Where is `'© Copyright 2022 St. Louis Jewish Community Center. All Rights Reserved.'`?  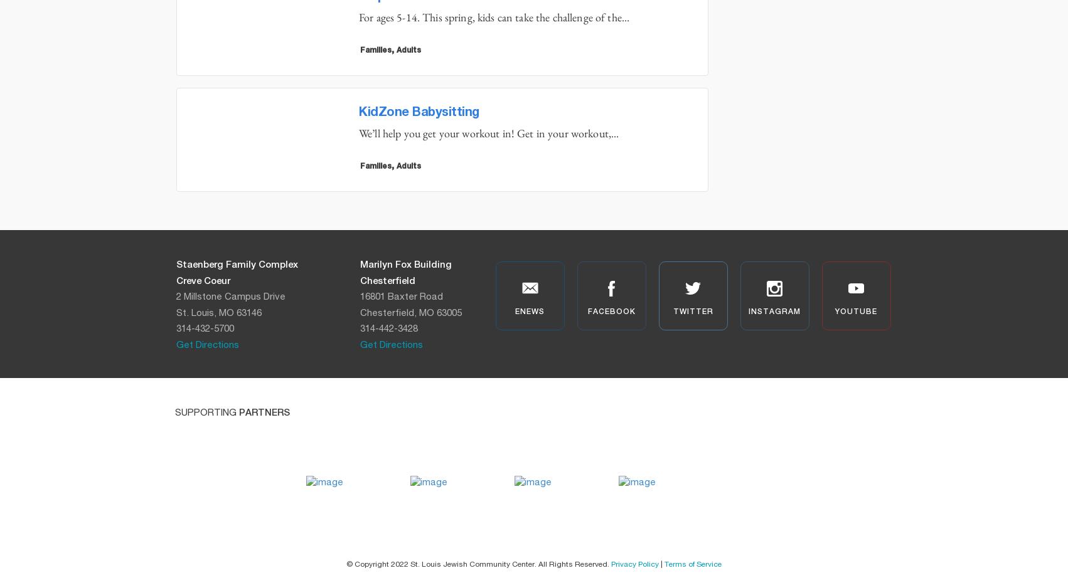 '© Copyright 2022 St. Louis Jewish Community Center. All Rights Reserved.' is located at coordinates (478, 563).